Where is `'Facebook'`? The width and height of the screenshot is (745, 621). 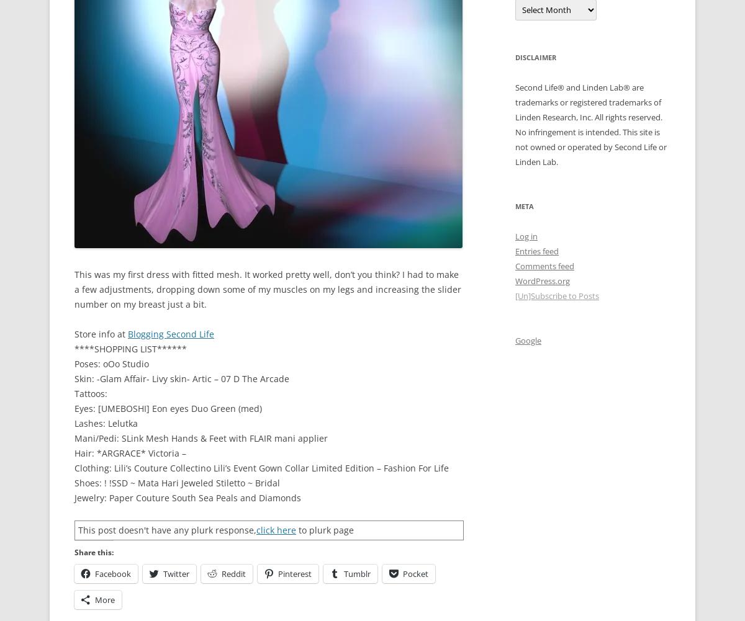 'Facebook' is located at coordinates (112, 574).